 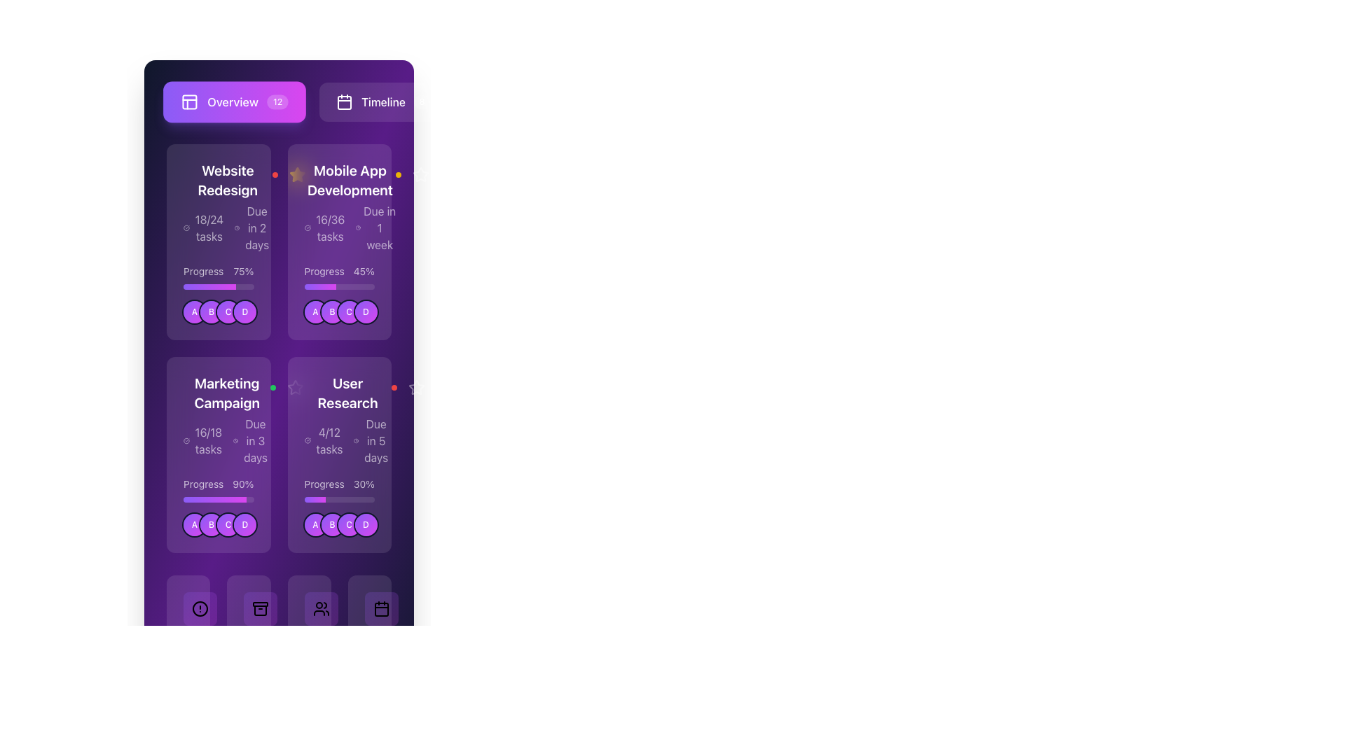 I want to click on the circular icon with a gradient background from violet to fuchsia, featuring a white letter 'C' in the center, which is the third icon in the progress section of the 'Website Redesign' task card, so click(x=228, y=311).